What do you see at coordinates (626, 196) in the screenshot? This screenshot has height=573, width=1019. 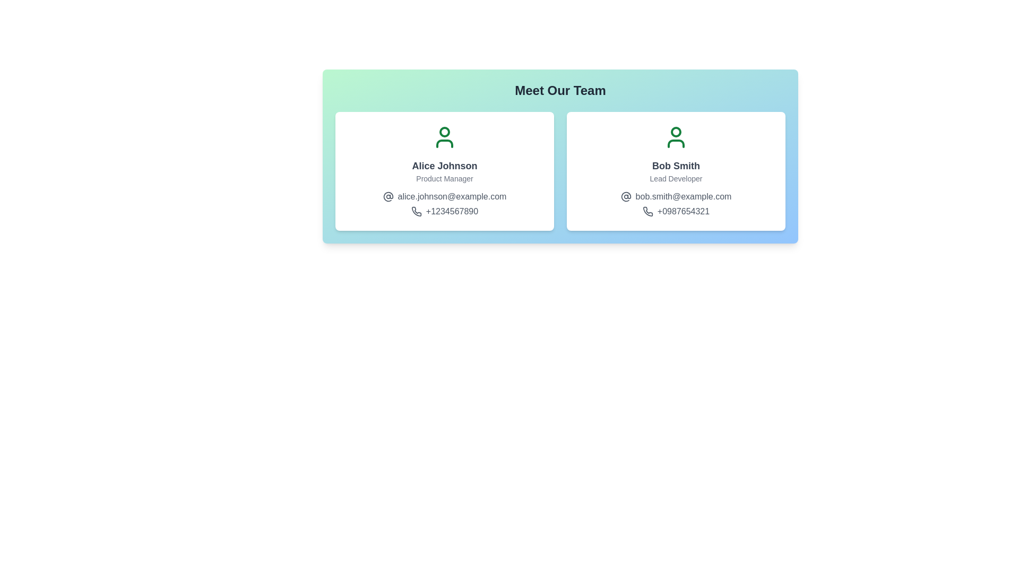 I see `the email address icon located within the right card titled 'Bob Smith', which visually represents an email address marker, positioned slightly to the left of the email text 'bob.smith@example.com'` at bounding box center [626, 196].